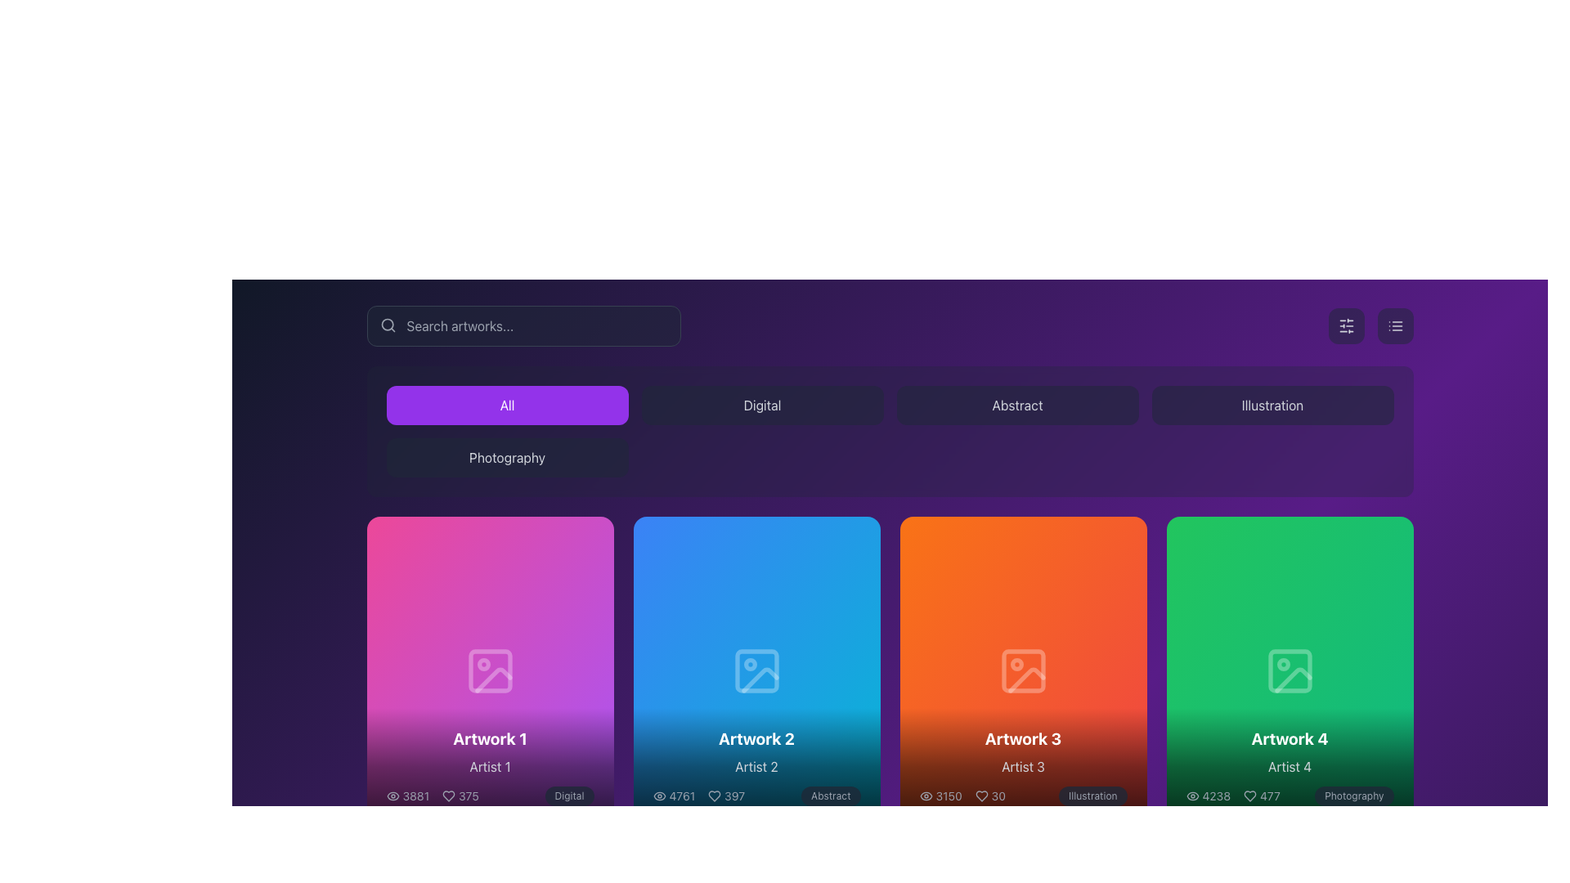  I want to click on the rightmost circular sharing button in the dark overlay on the 'Artwork 1' card, so click(539, 670).